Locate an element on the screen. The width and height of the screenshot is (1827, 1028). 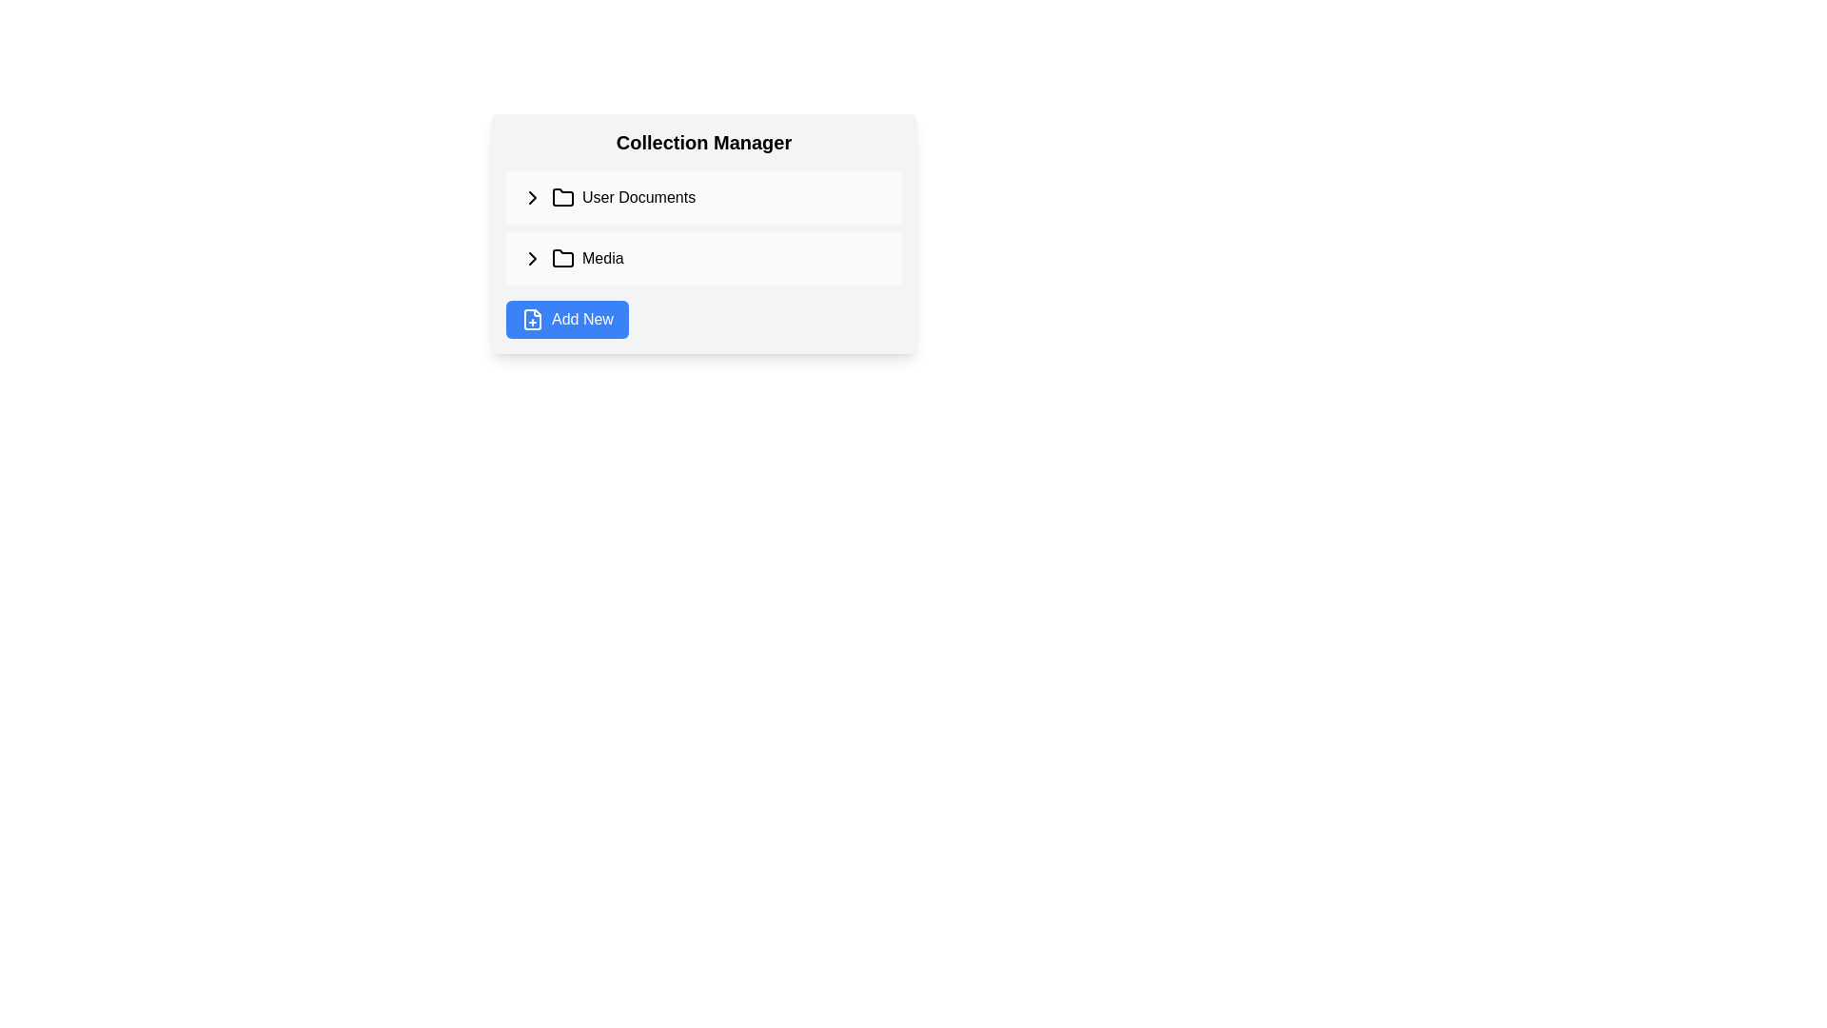
the folder icon located to the left of the 'Media' label in the second row of the 'Collection Manager' is located at coordinates (561, 258).